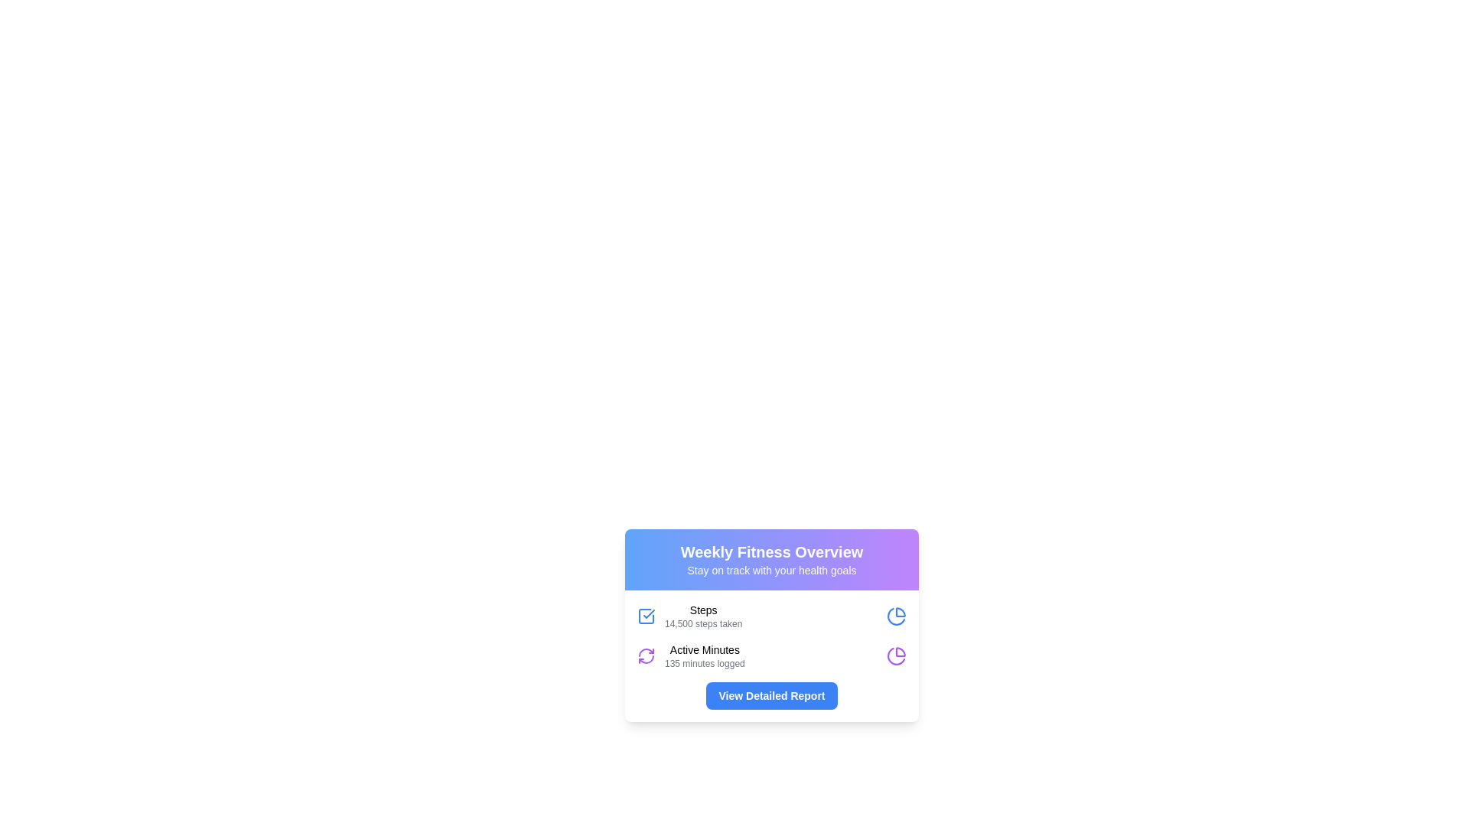  I want to click on the refresh icon located in the bottom-left corner of the 'Weekly Fitness Overview' card, so click(646, 655).